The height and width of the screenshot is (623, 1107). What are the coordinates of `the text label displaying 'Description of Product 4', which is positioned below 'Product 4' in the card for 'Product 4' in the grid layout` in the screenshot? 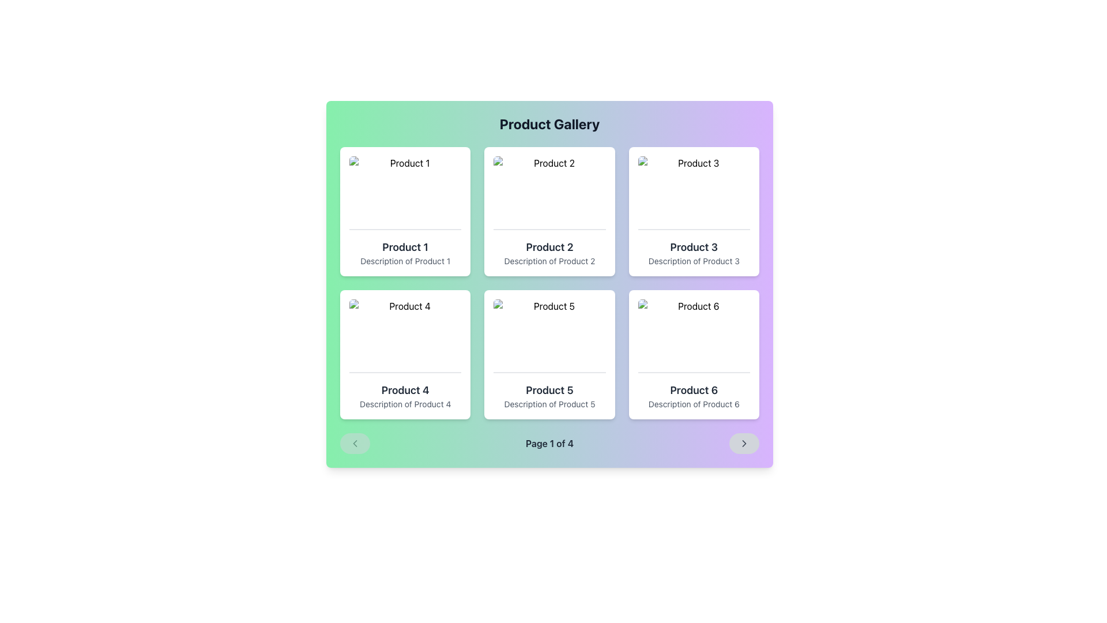 It's located at (405, 404).